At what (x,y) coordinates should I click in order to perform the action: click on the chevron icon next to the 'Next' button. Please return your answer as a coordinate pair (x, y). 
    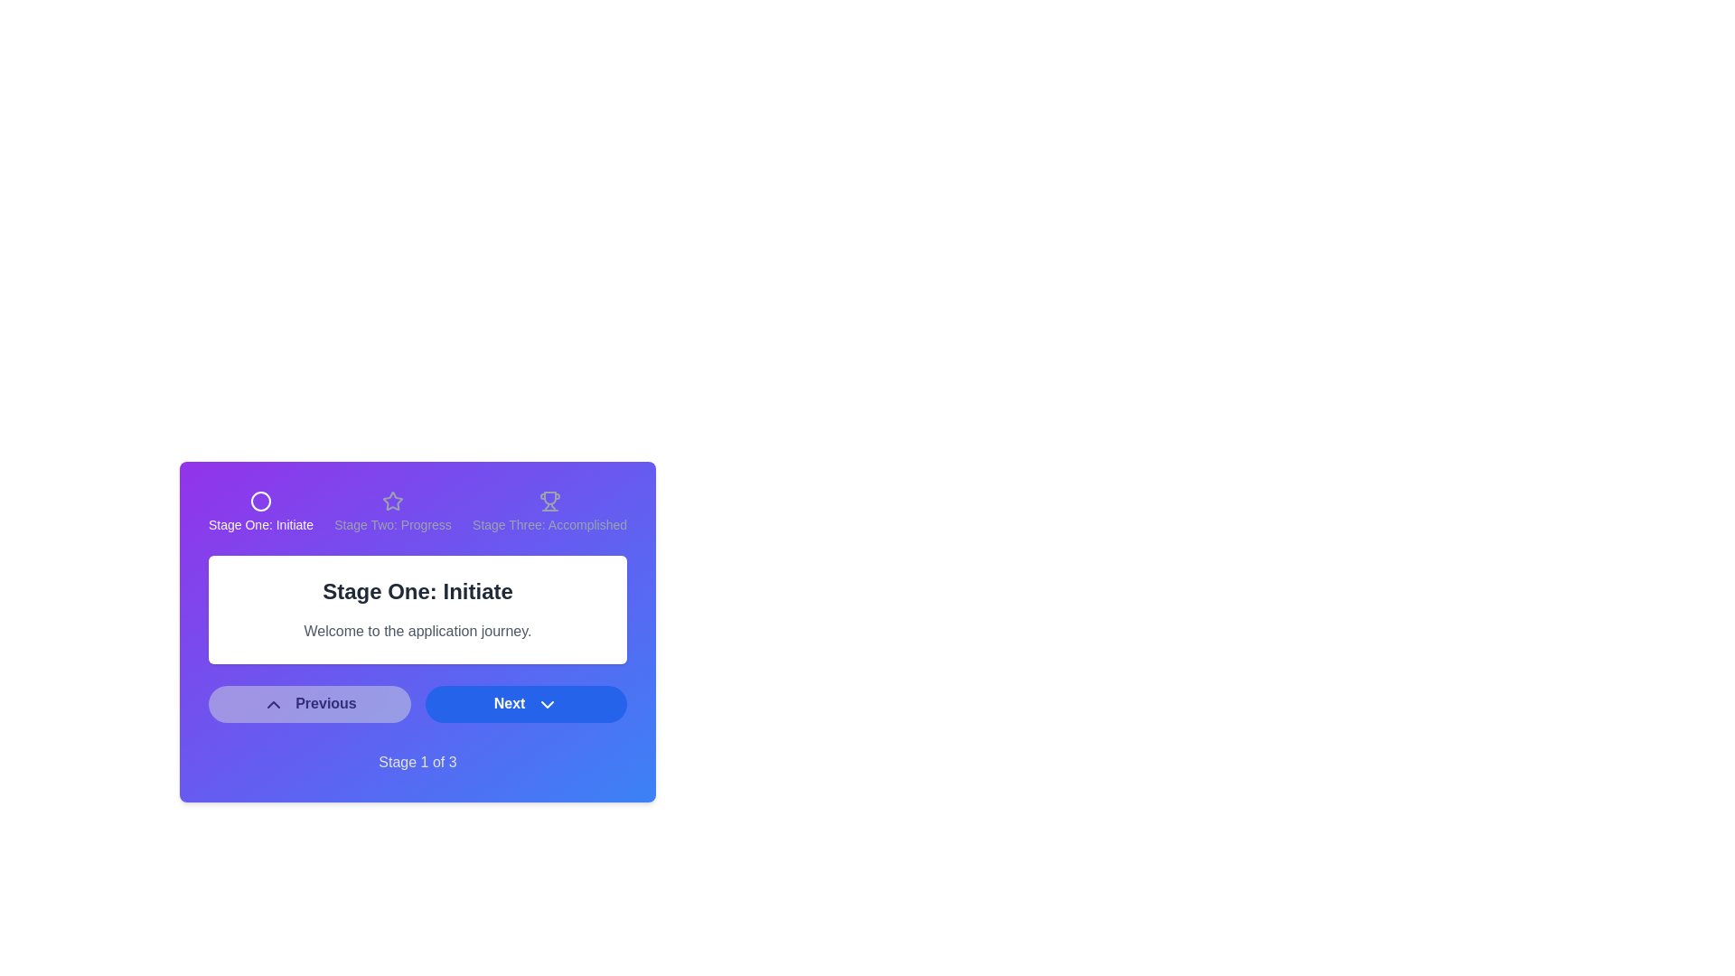
    Looking at the image, I should click on (546, 703).